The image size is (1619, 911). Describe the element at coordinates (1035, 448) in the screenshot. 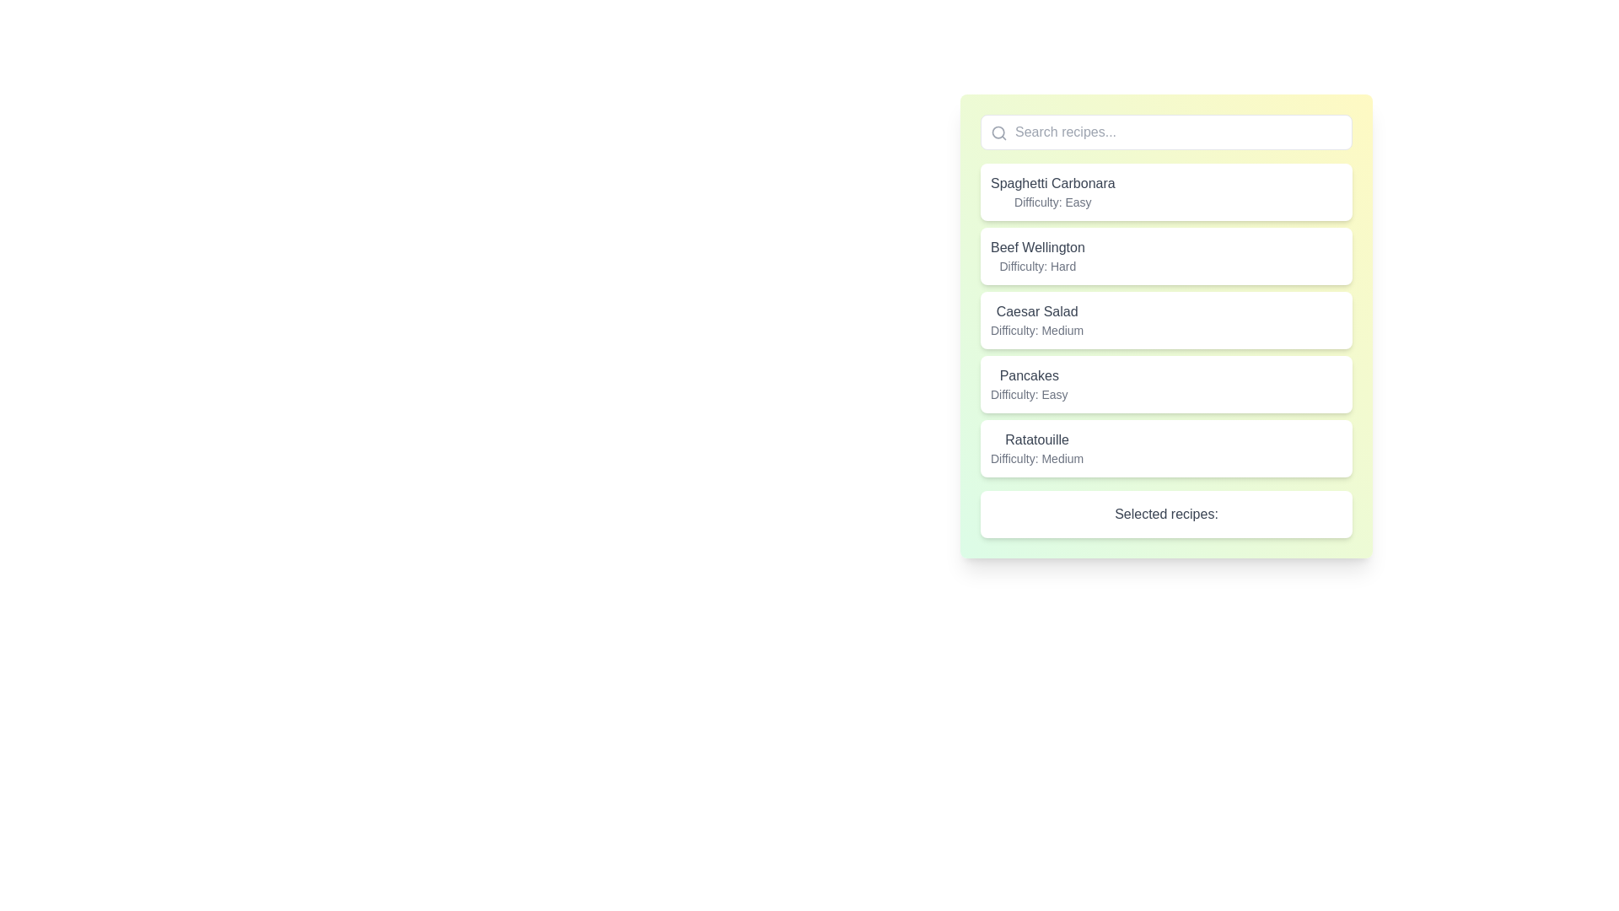

I see `the Text block displaying the recipe name 'Ratatouille' and its difficulty 'Medium' located` at that location.